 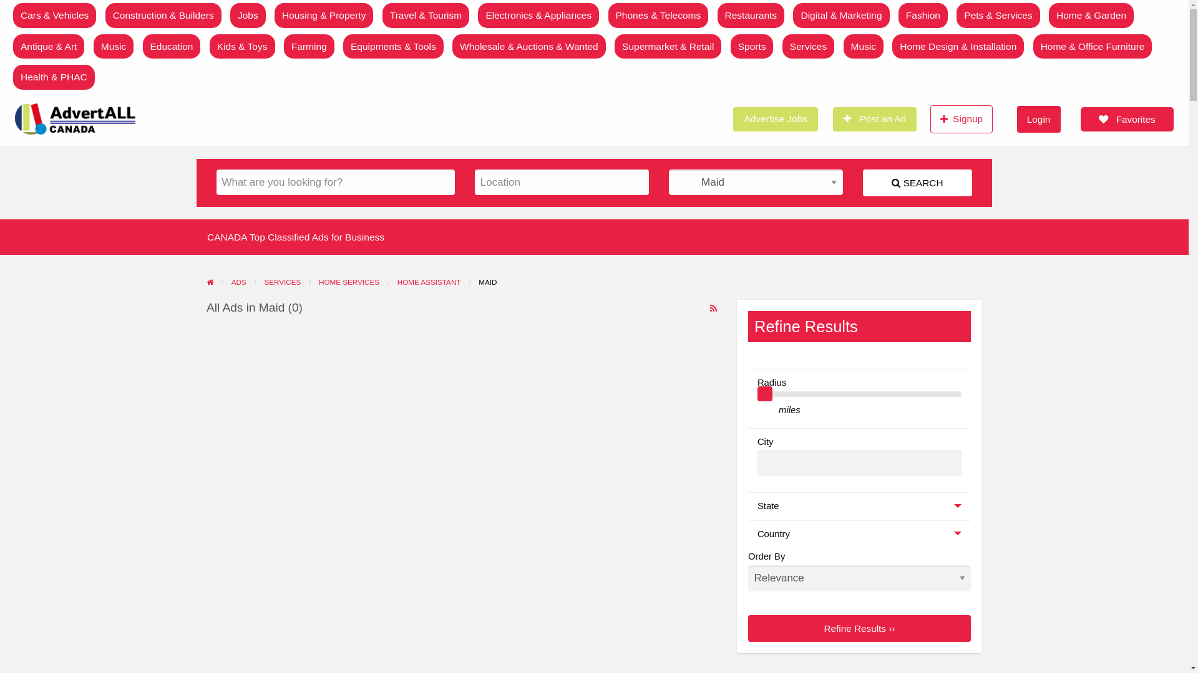 What do you see at coordinates (12, 45) in the screenshot?
I see `'Antique & Art'` at bounding box center [12, 45].